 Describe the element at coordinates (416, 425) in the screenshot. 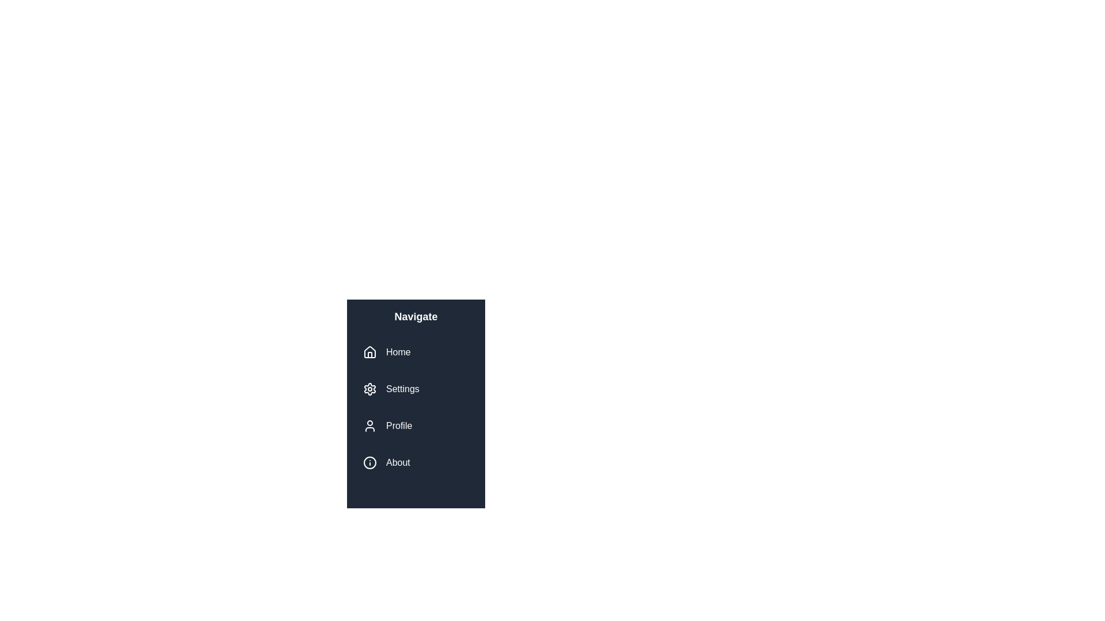

I see `the 'Profile' Navigation Button, which is the third item in the vertical navigation menu under 'Navigate'` at that location.